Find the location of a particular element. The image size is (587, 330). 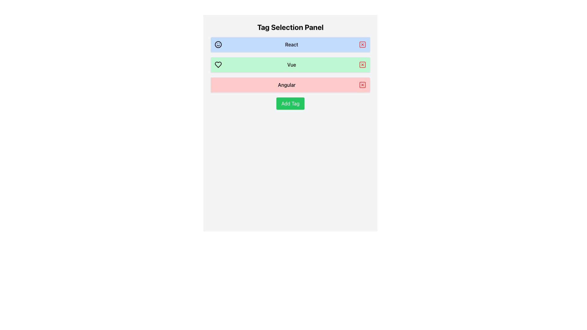

the red 'X' icon button located at the top-right of the 'Angular' block in the Tag Selection Panel is located at coordinates (362, 85).